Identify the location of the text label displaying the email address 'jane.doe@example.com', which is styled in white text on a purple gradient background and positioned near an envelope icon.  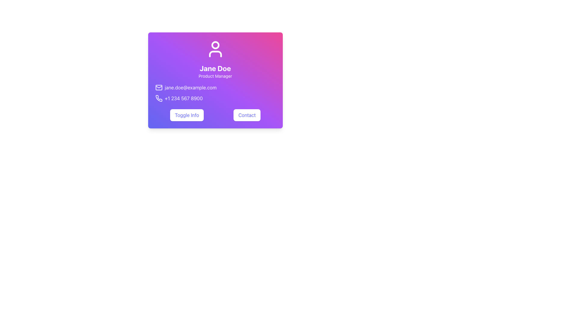
(190, 88).